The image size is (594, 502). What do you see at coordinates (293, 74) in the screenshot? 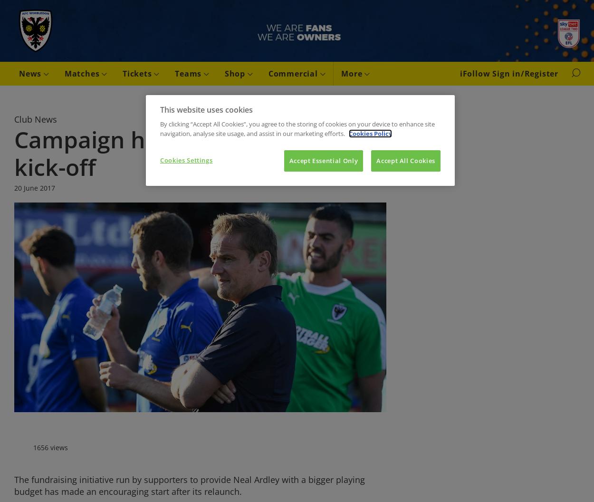
I see `'Commercial'` at bounding box center [293, 74].